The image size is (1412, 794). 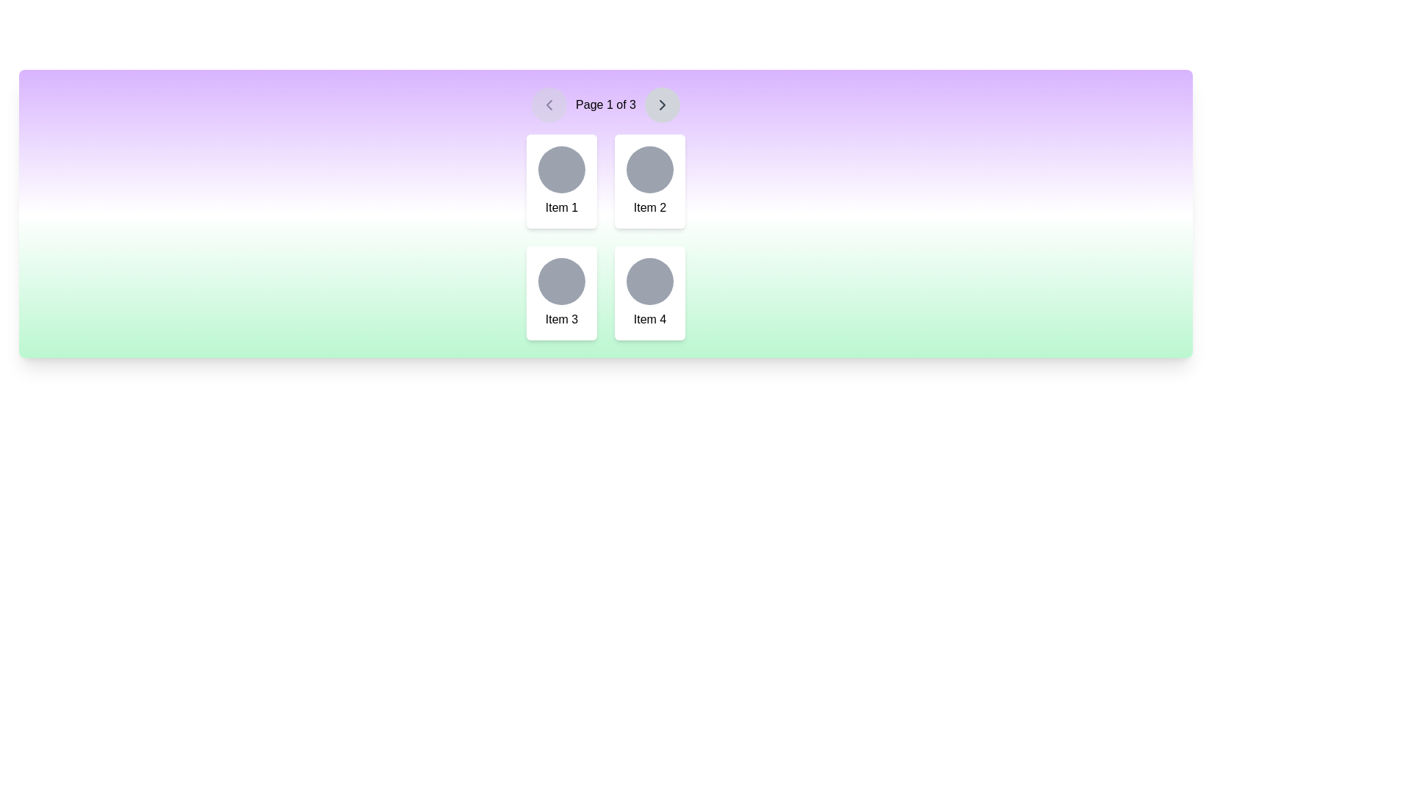 What do you see at coordinates (549, 104) in the screenshot?
I see `the left-pointing chevron-shaped icon located within the navigation section, to the immediate left of the text 'Page 1 of 3'` at bounding box center [549, 104].